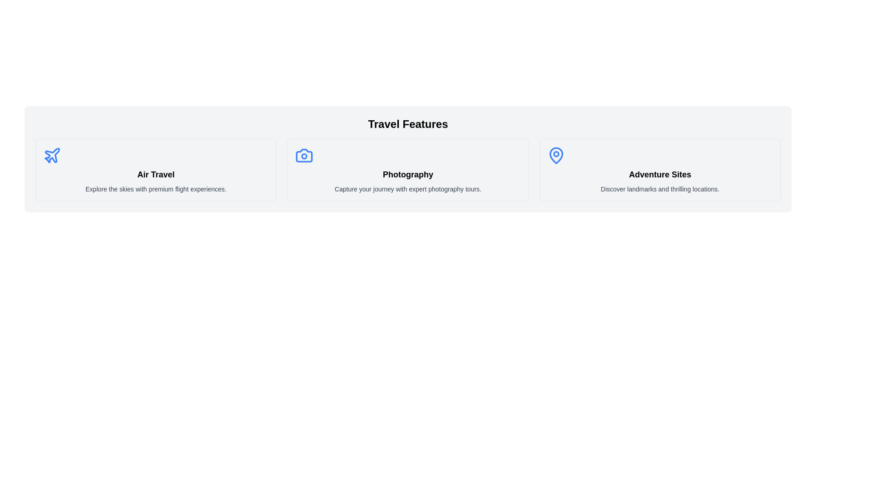 The height and width of the screenshot is (490, 872). What do you see at coordinates (555, 153) in the screenshot?
I see `the circular part of the location pin icon in the 'Adventure Sites' card under the 'Travel Features' section` at bounding box center [555, 153].